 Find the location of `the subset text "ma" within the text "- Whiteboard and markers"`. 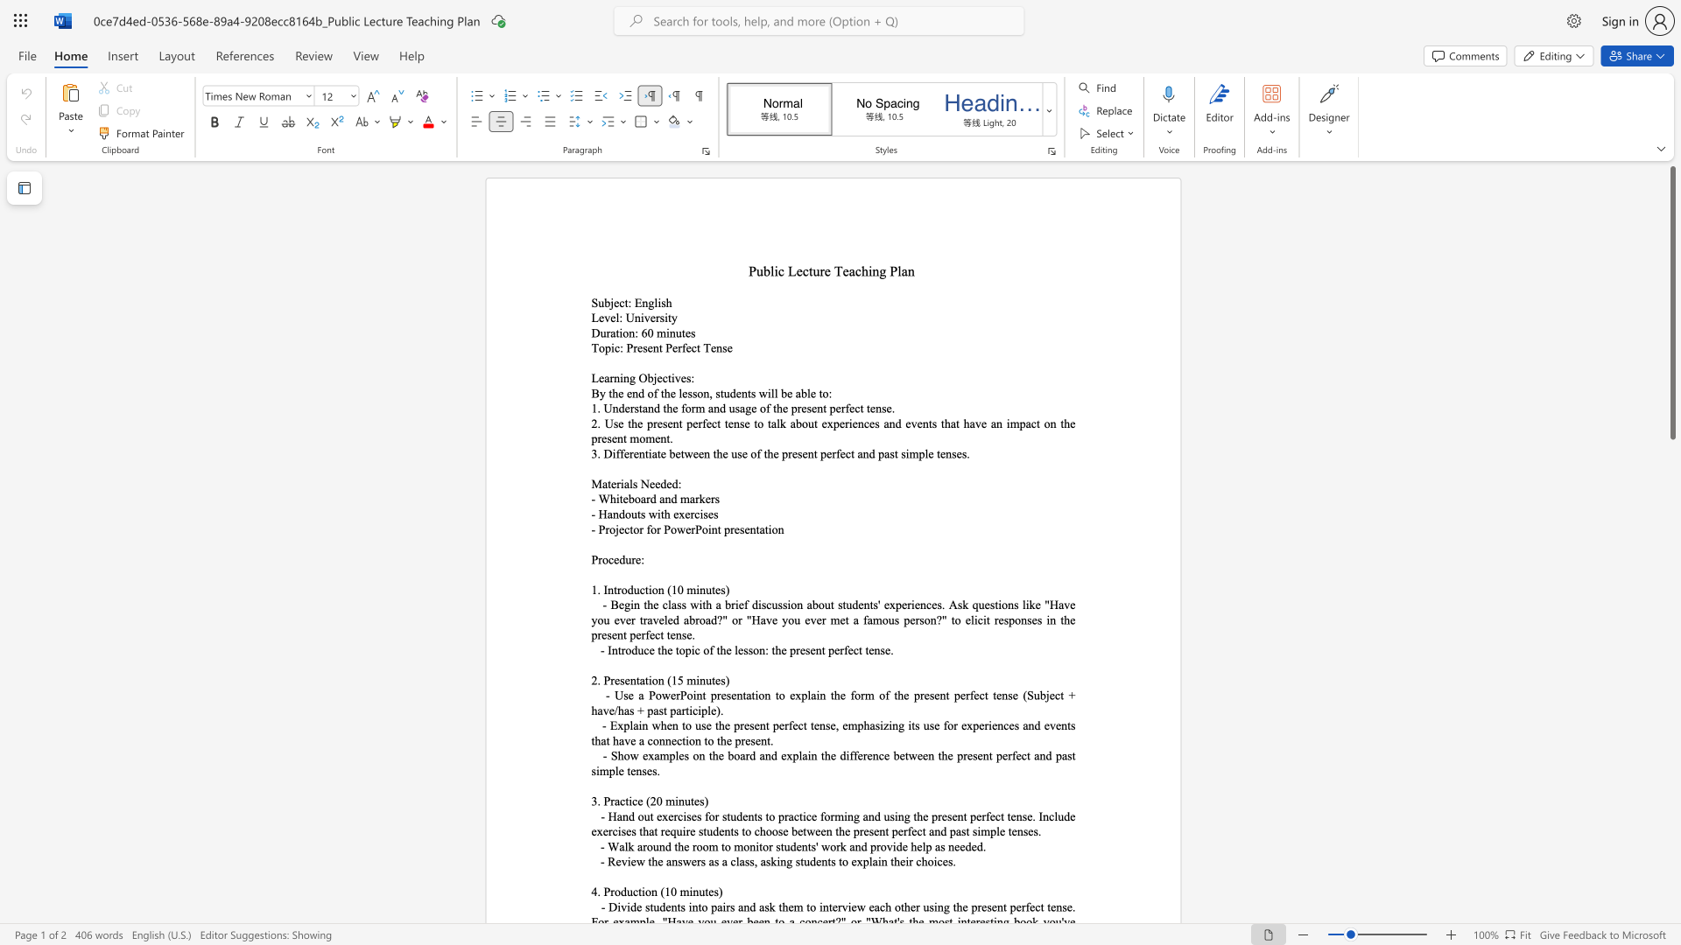

the subset text "ma" within the text "- Whiteboard and markers" is located at coordinates (679, 499).